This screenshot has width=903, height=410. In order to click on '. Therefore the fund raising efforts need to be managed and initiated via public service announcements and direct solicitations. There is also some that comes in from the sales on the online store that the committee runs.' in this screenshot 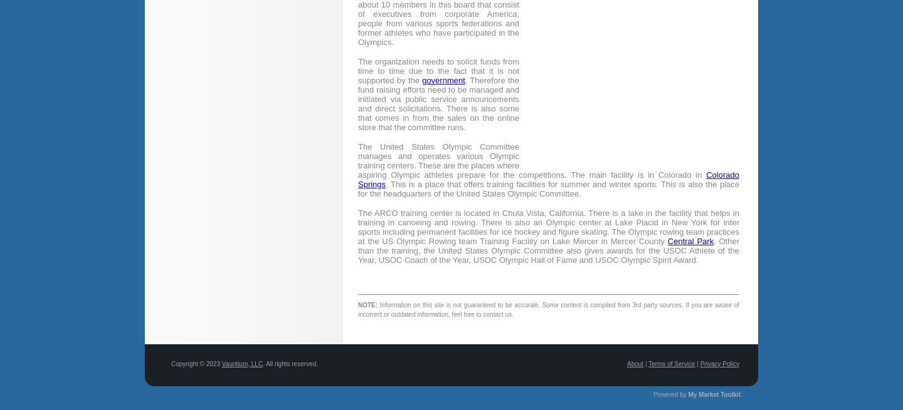, I will do `click(357, 103)`.